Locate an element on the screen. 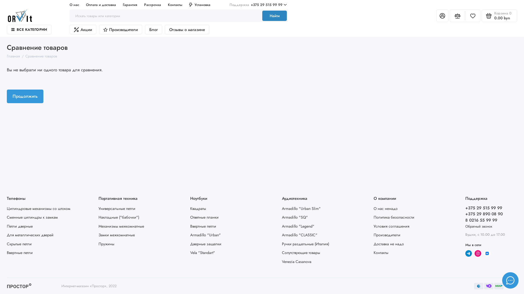  '8 0216 55 99 99' is located at coordinates (465, 220).